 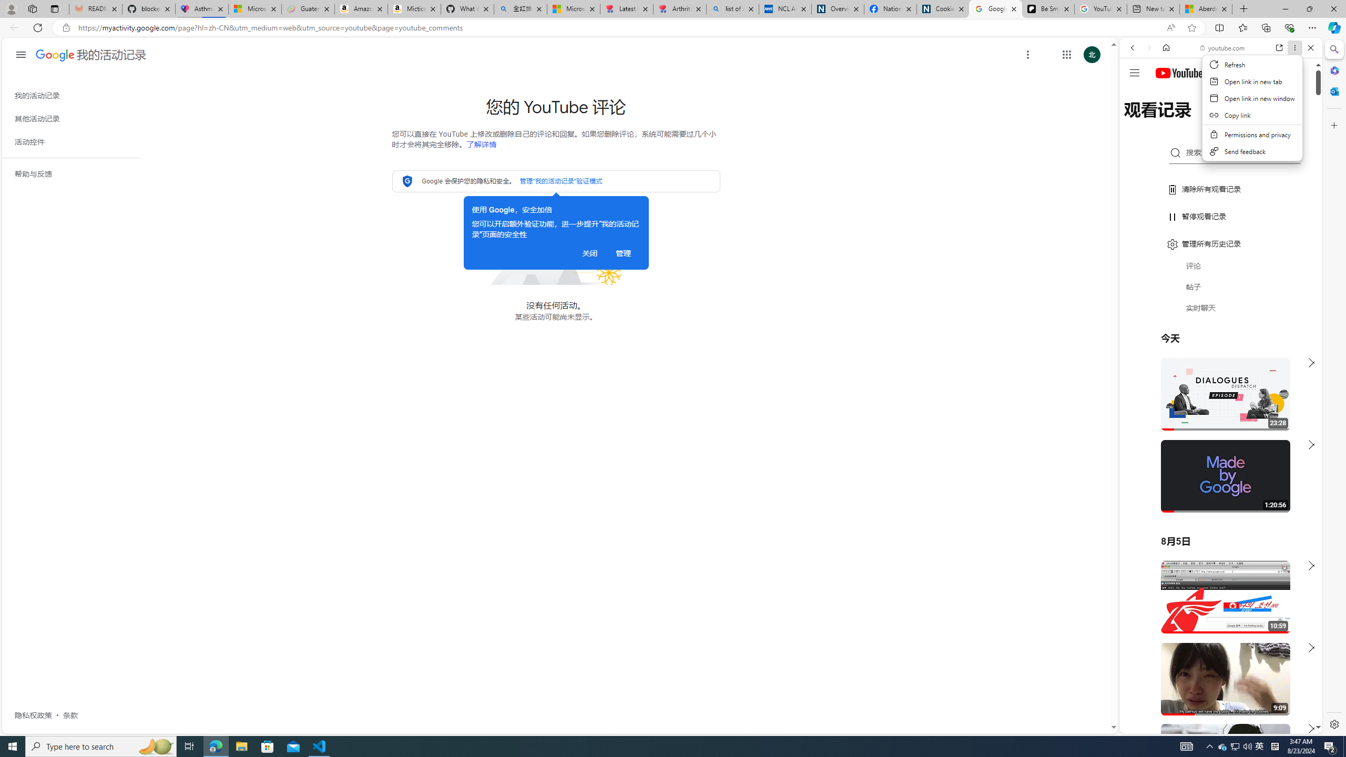 I want to click on 'Arthritis: Ask Health Professionals', so click(x=679, y=8).